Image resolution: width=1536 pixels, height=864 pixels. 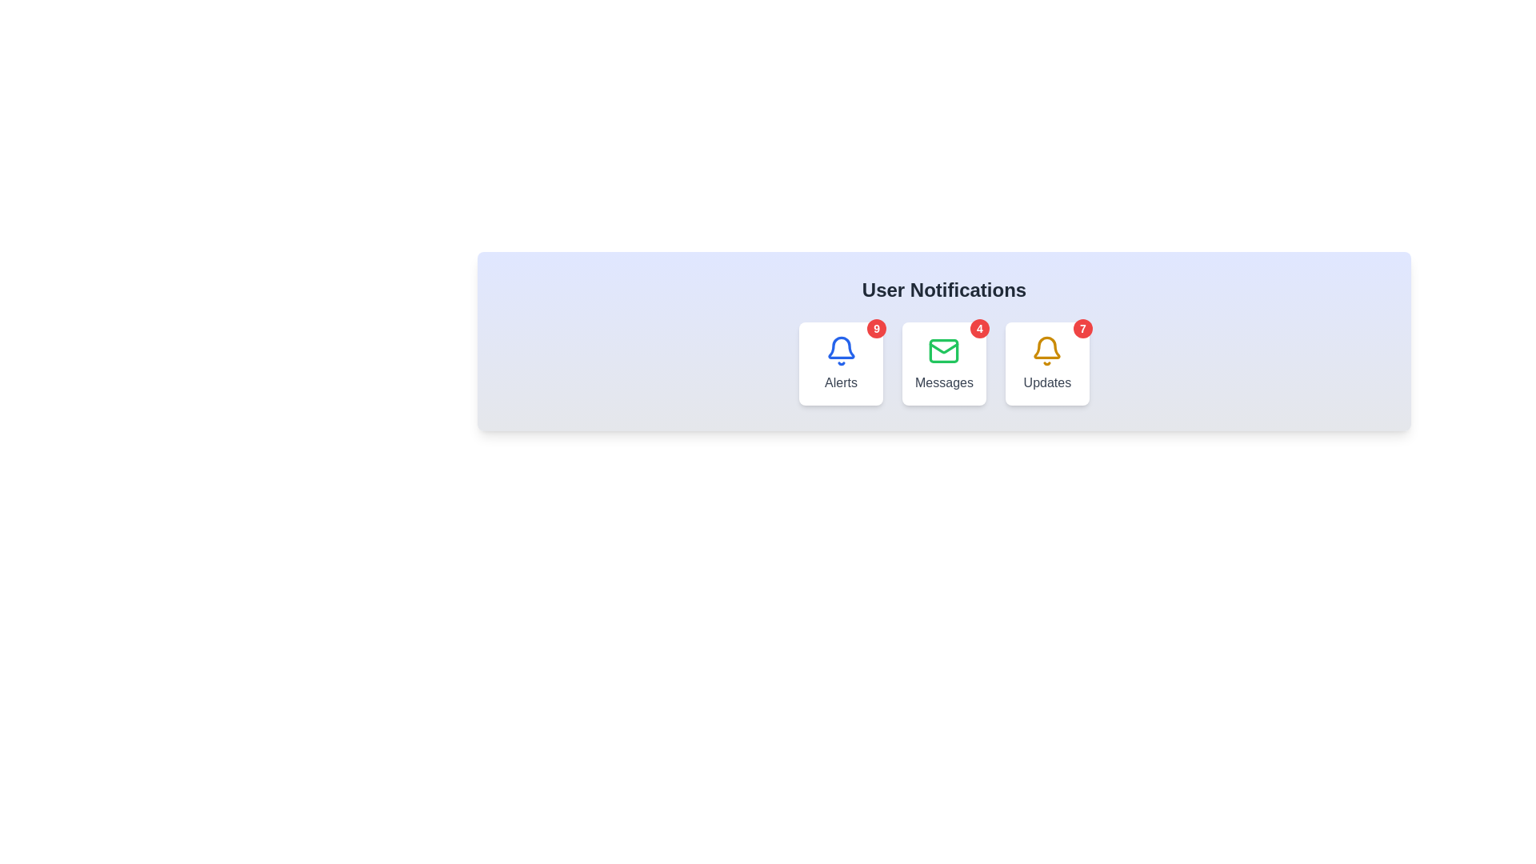 I want to click on the Notification Count Badge, which is a circular badge with a red background displaying the number '9' in bold white text, located at the top-right corner of the 'Alerts' notification card, so click(x=875, y=328).